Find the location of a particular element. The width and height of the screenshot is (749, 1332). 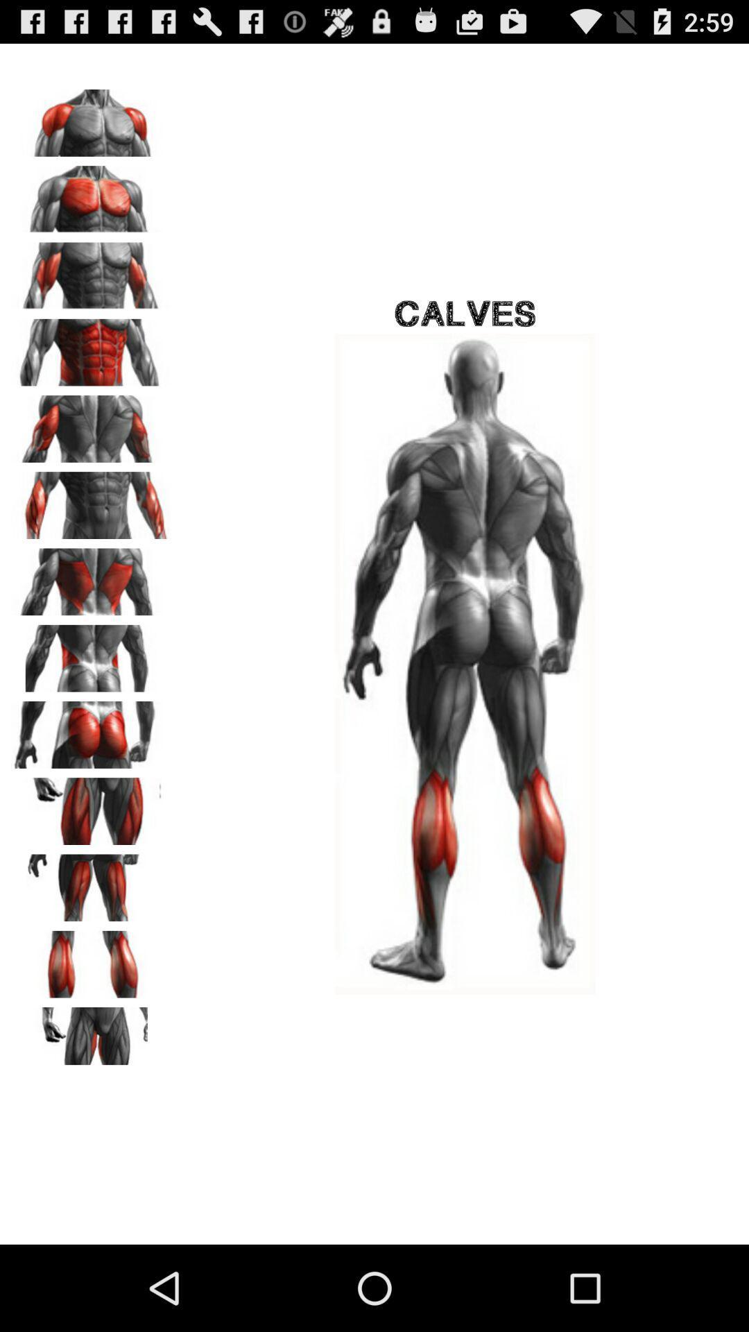

this imagw was chest is located at coordinates (91, 118).